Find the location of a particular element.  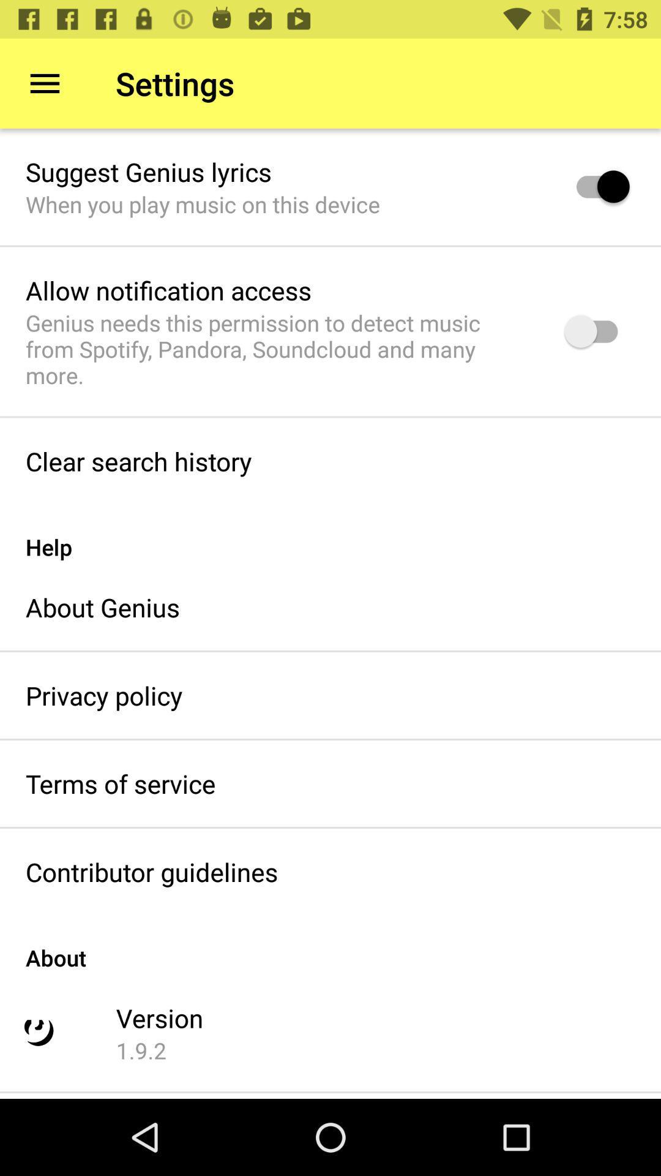

item next to settings is located at coordinates (44, 83).